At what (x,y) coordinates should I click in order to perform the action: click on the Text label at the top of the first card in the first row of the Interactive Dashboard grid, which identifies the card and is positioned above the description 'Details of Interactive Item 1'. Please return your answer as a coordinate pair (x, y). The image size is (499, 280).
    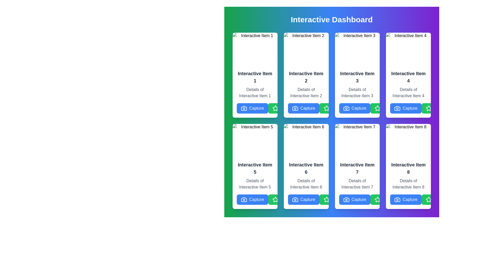
    Looking at the image, I should click on (255, 77).